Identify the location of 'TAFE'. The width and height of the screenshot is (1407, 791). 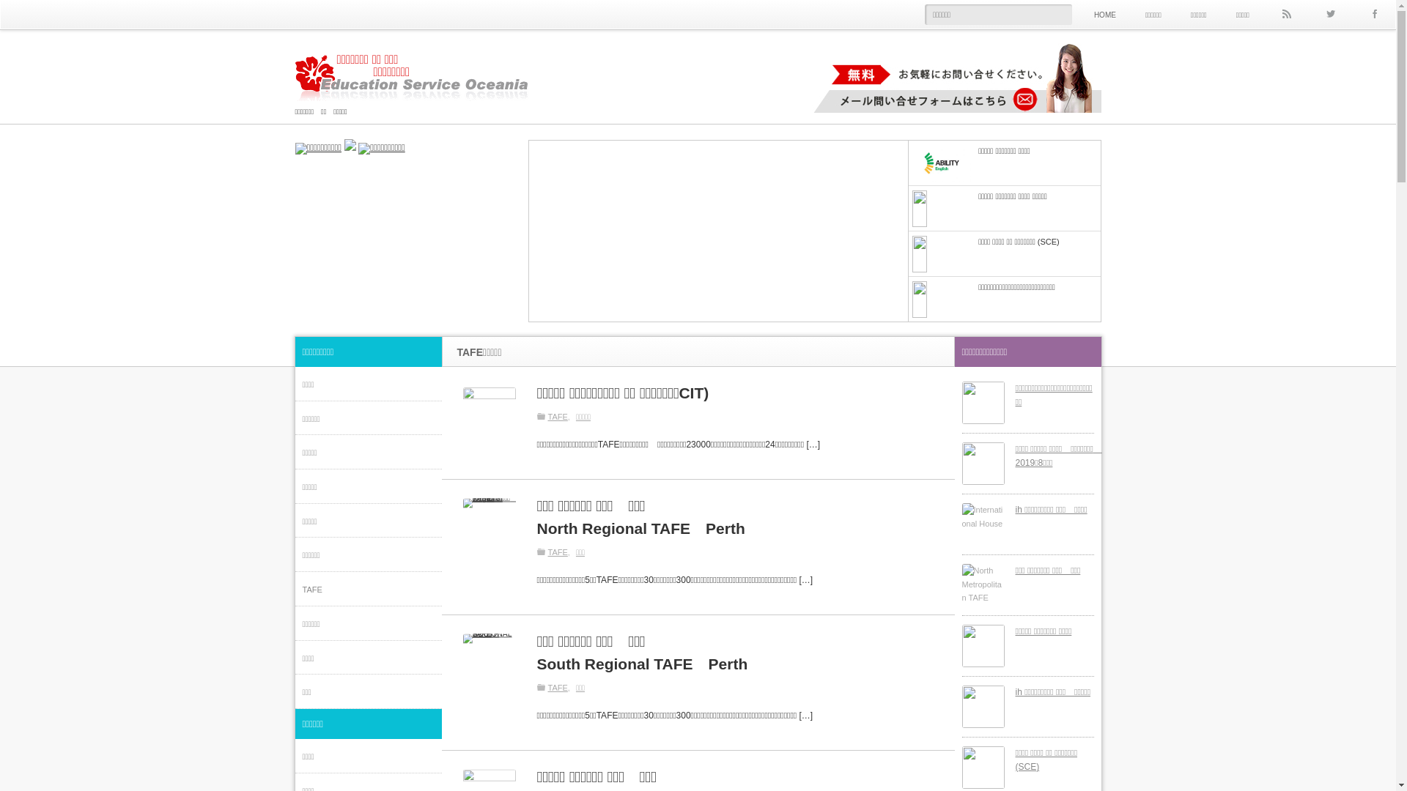
(560, 552).